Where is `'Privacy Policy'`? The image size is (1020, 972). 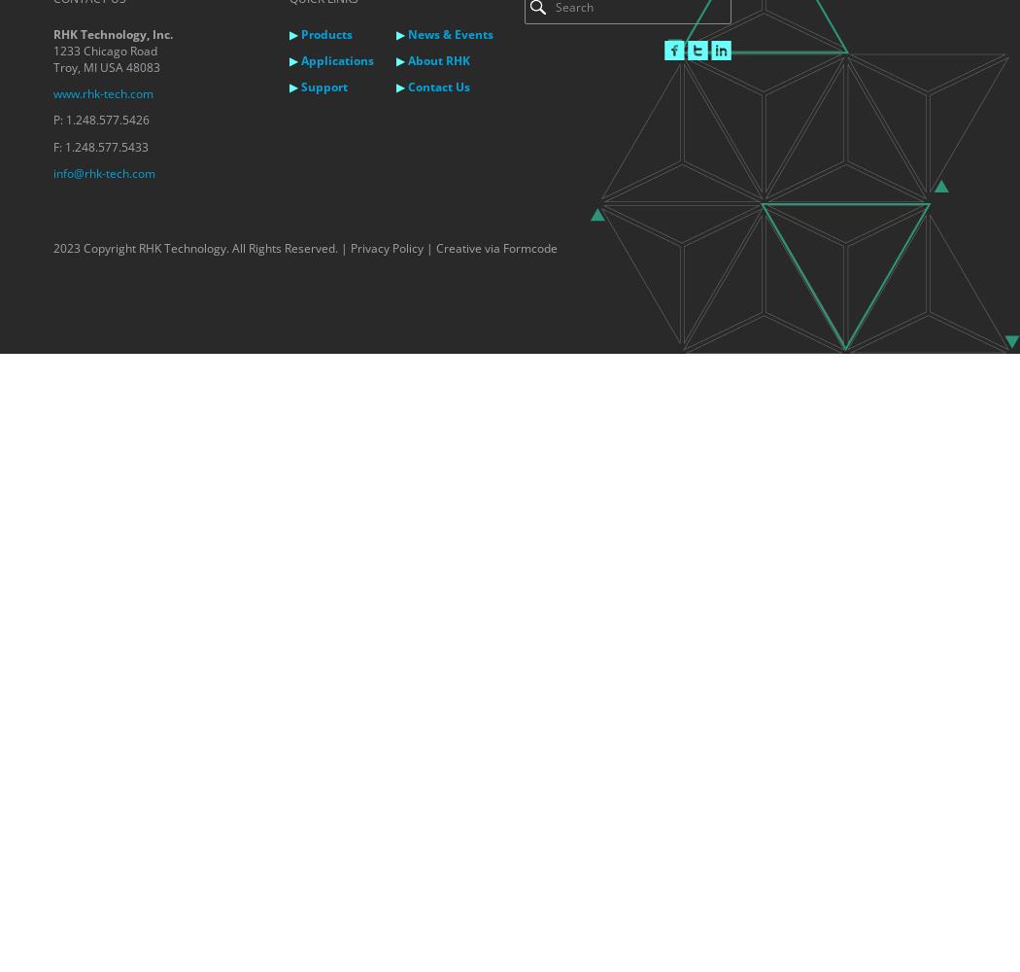 'Privacy Policy' is located at coordinates (387, 247).